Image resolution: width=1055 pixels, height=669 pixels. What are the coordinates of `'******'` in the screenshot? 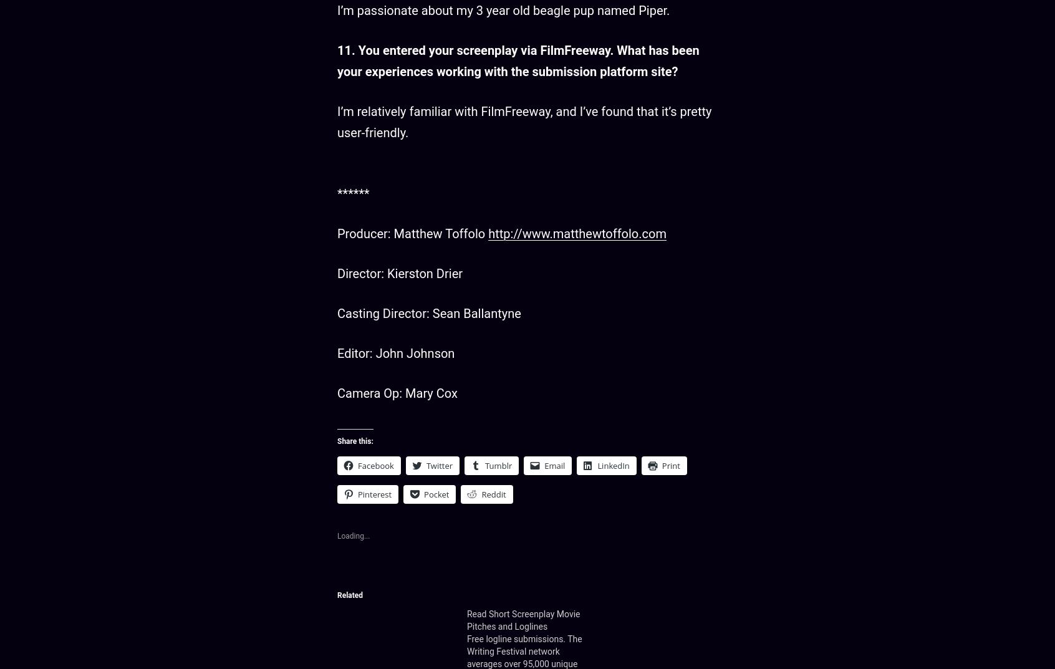 It's located at (337, 193).